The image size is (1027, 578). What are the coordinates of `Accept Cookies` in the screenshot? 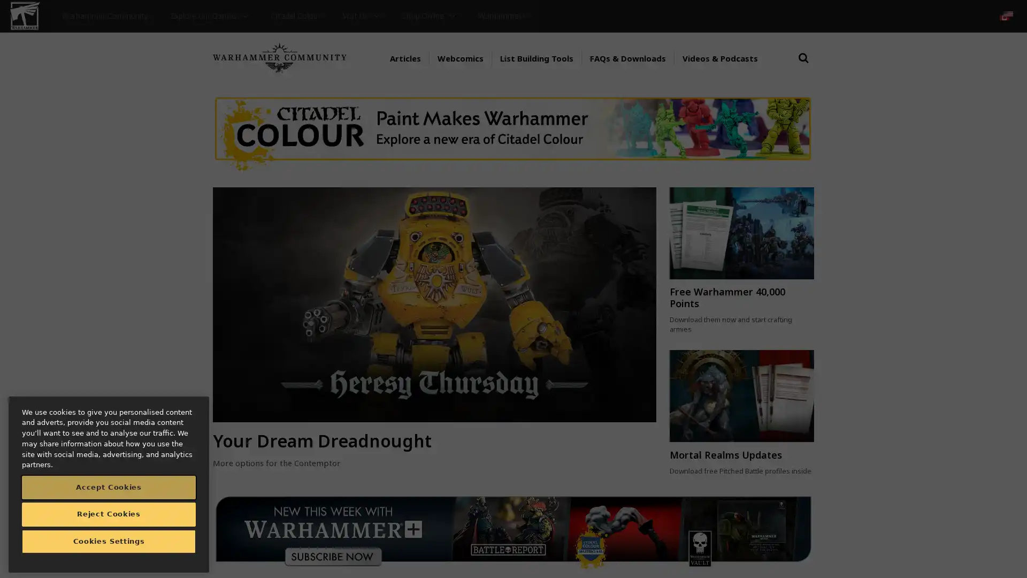 It's located at (109, 487).